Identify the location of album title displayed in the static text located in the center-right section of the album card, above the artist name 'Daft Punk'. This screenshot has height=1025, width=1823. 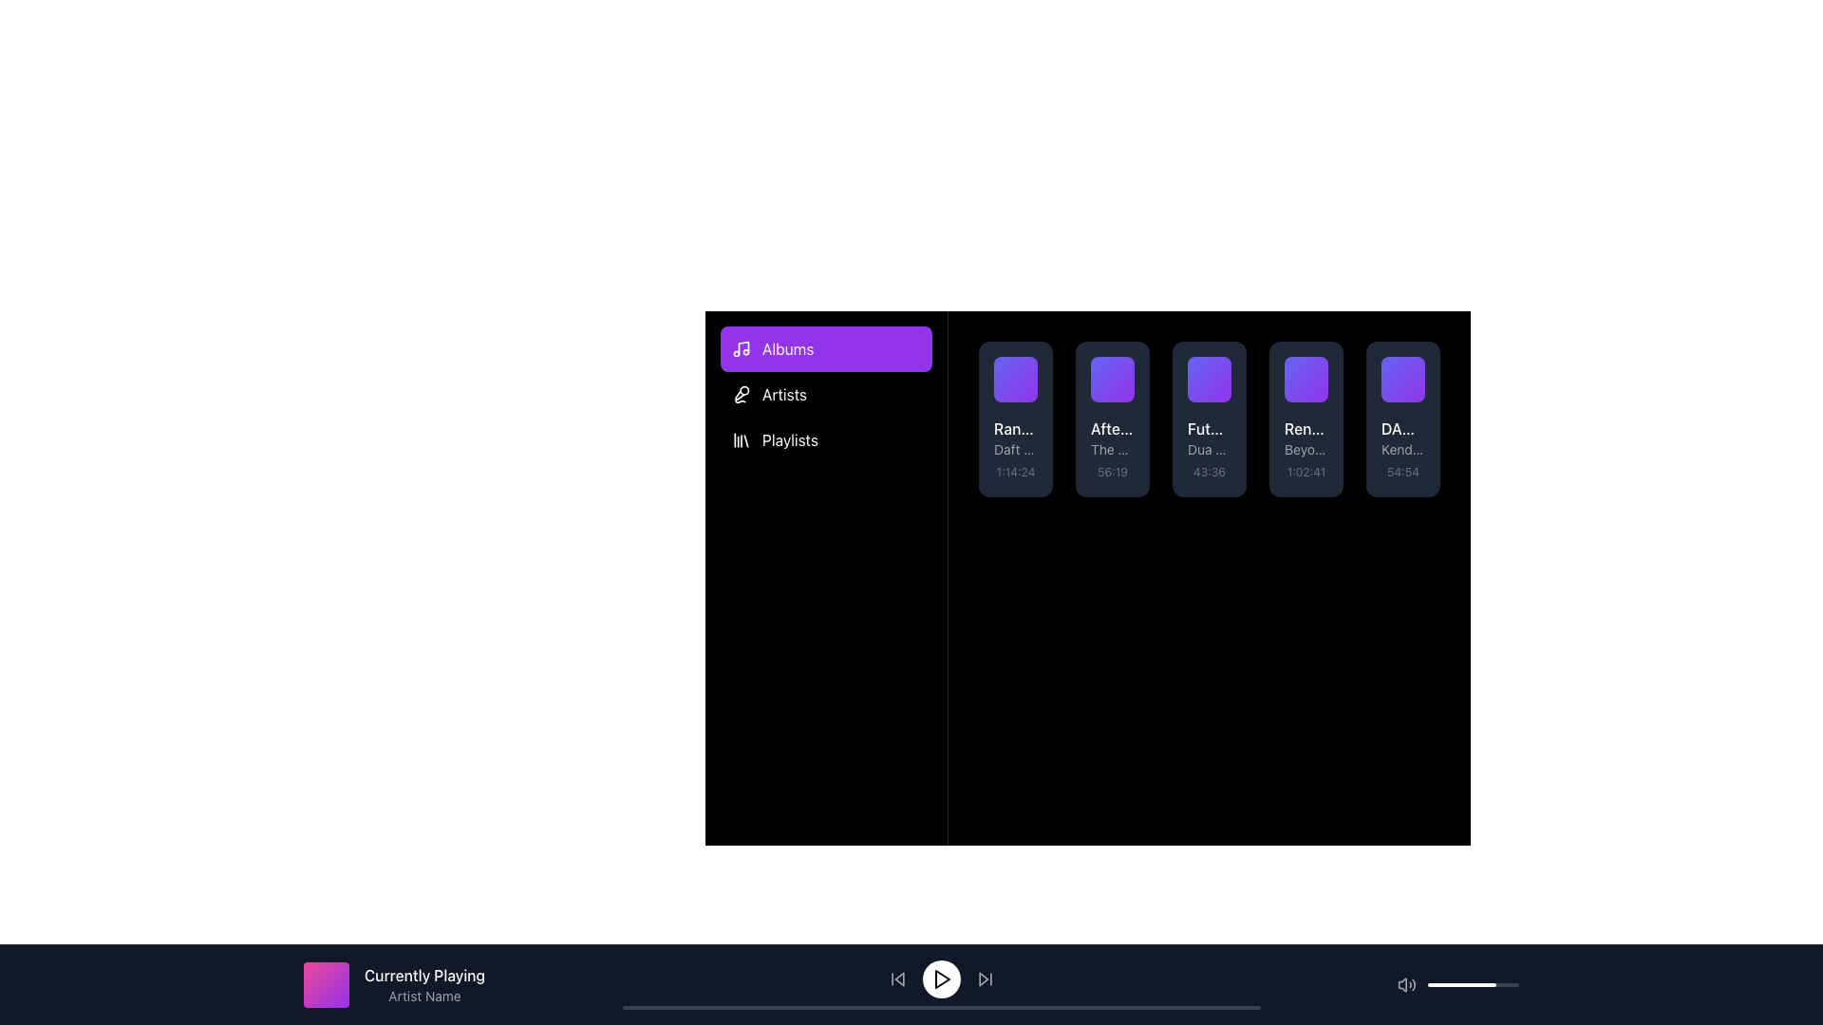
(1015, 428).